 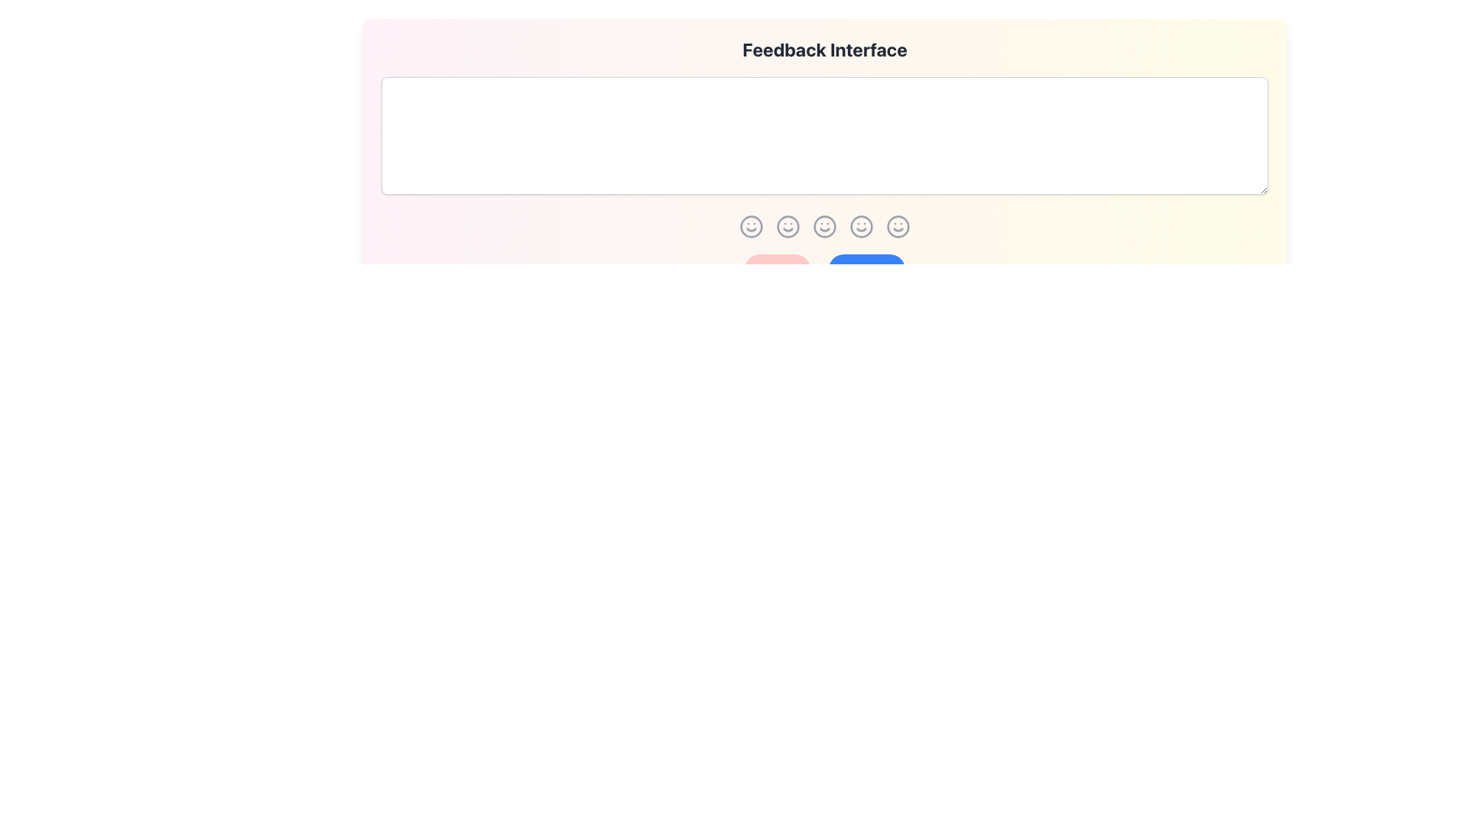 I want to click on the smiley face icon, which is the second icon in a horizontal arrangement of feedback icons located under the feedback text box, so click(x=788, y=227).